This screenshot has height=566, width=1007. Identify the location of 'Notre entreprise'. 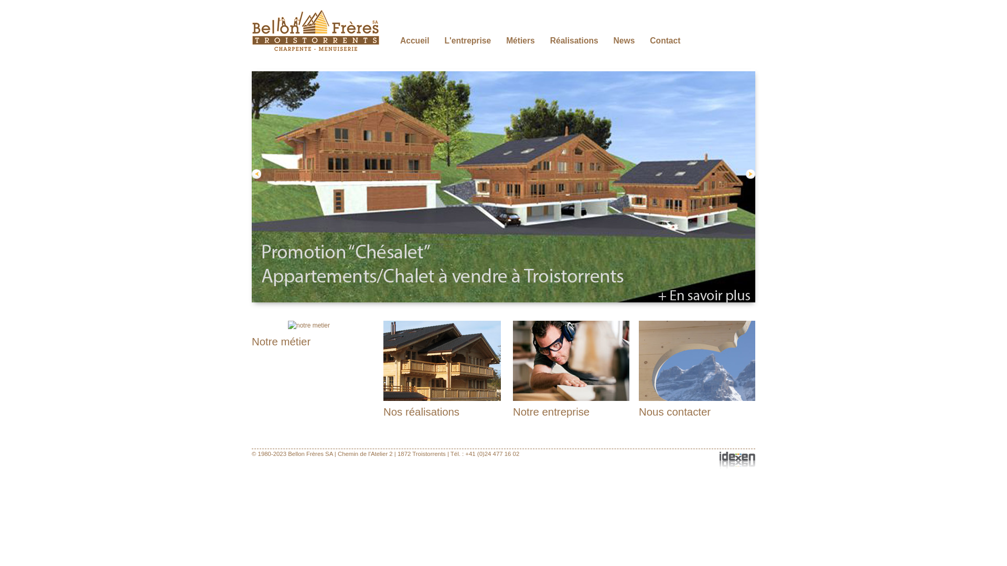
(551, 411).